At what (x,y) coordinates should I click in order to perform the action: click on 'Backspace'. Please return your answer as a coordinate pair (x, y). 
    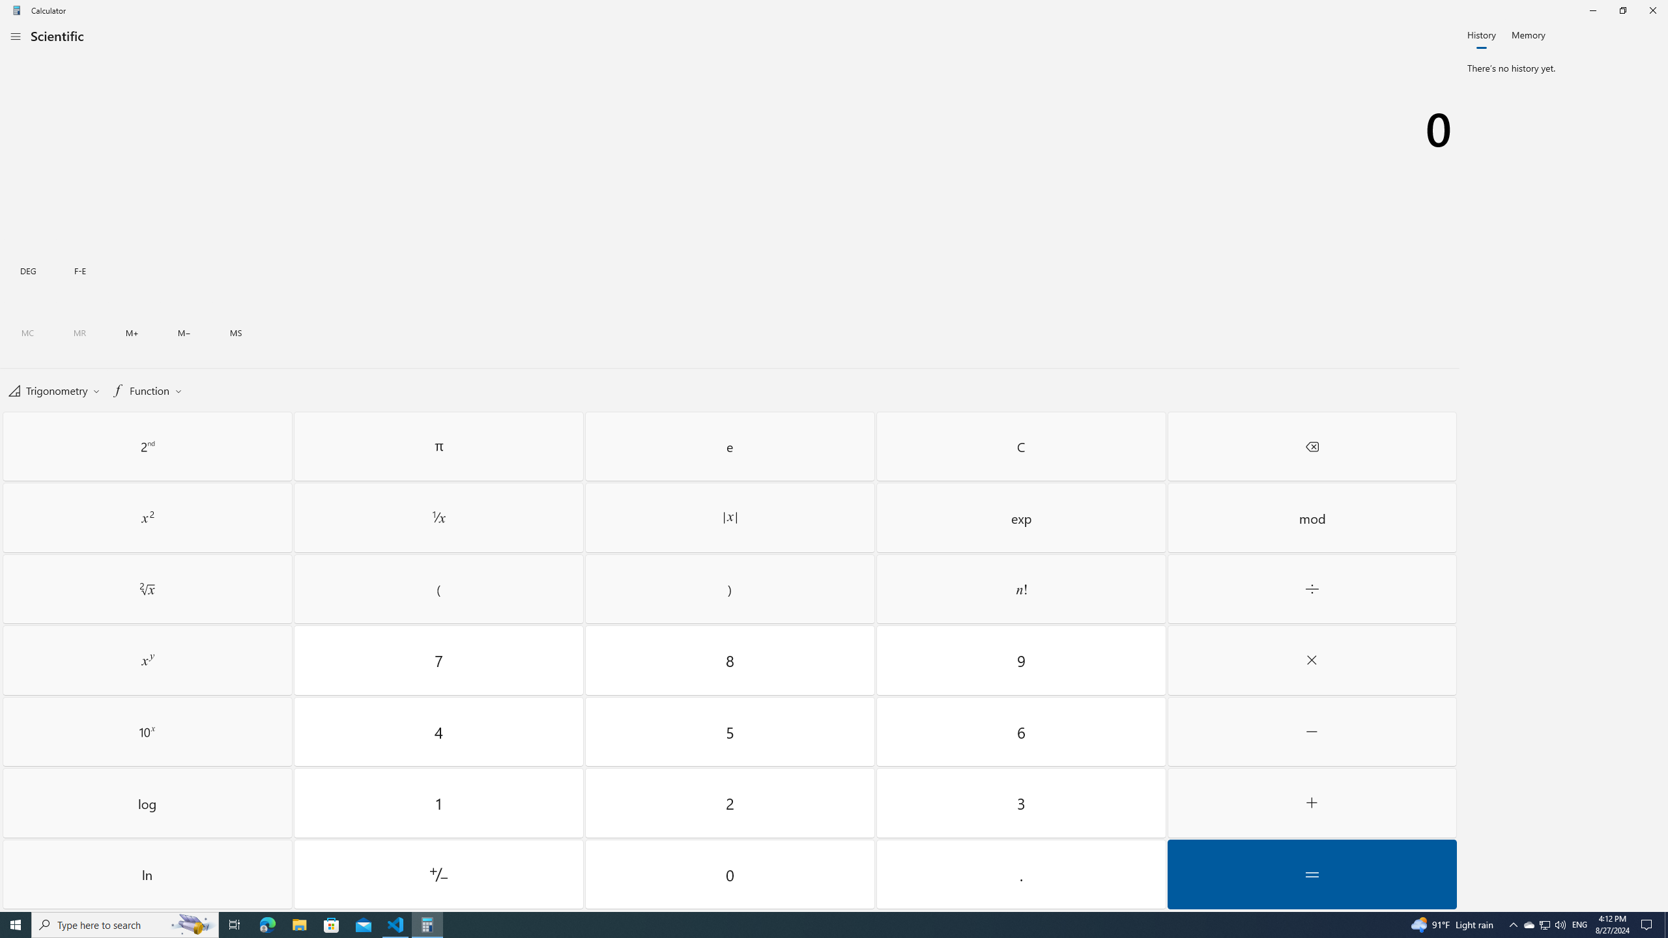
    Looking at the image, I should click on (1312, 446).